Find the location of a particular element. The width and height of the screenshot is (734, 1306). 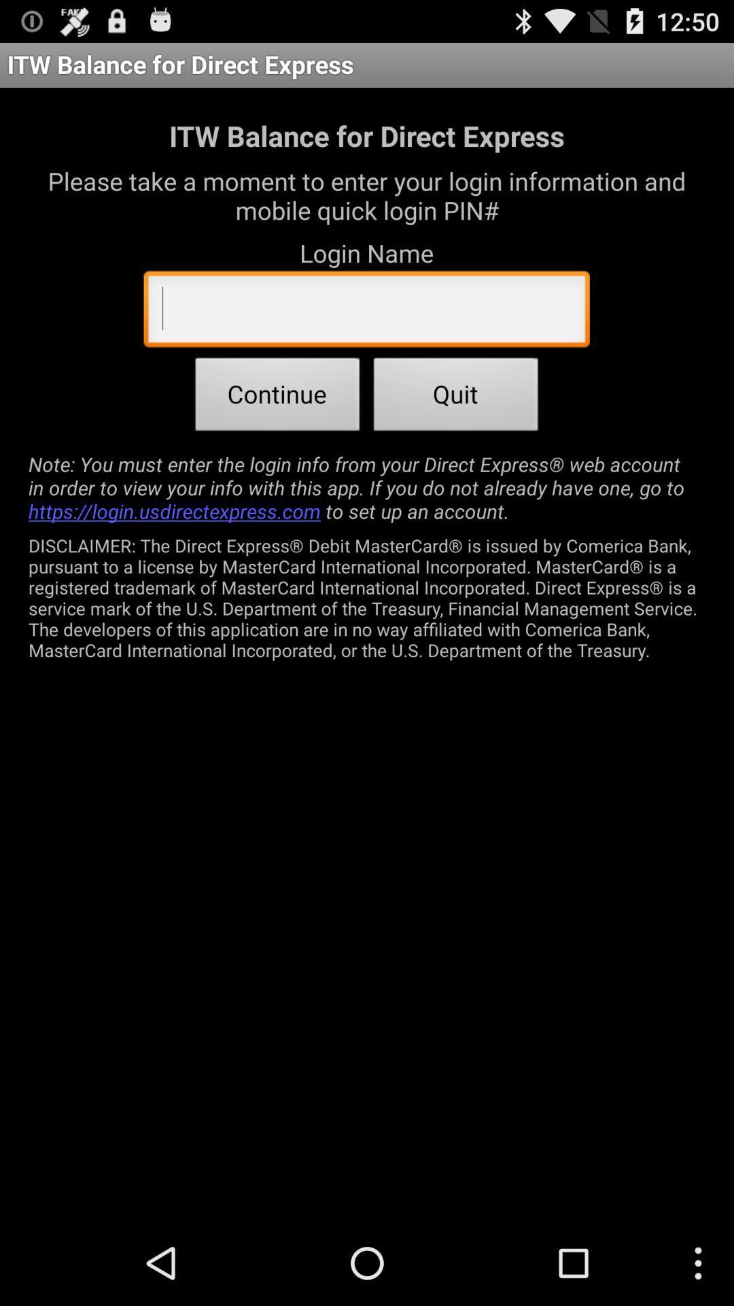

the continue is located at coordinates (277, 397).